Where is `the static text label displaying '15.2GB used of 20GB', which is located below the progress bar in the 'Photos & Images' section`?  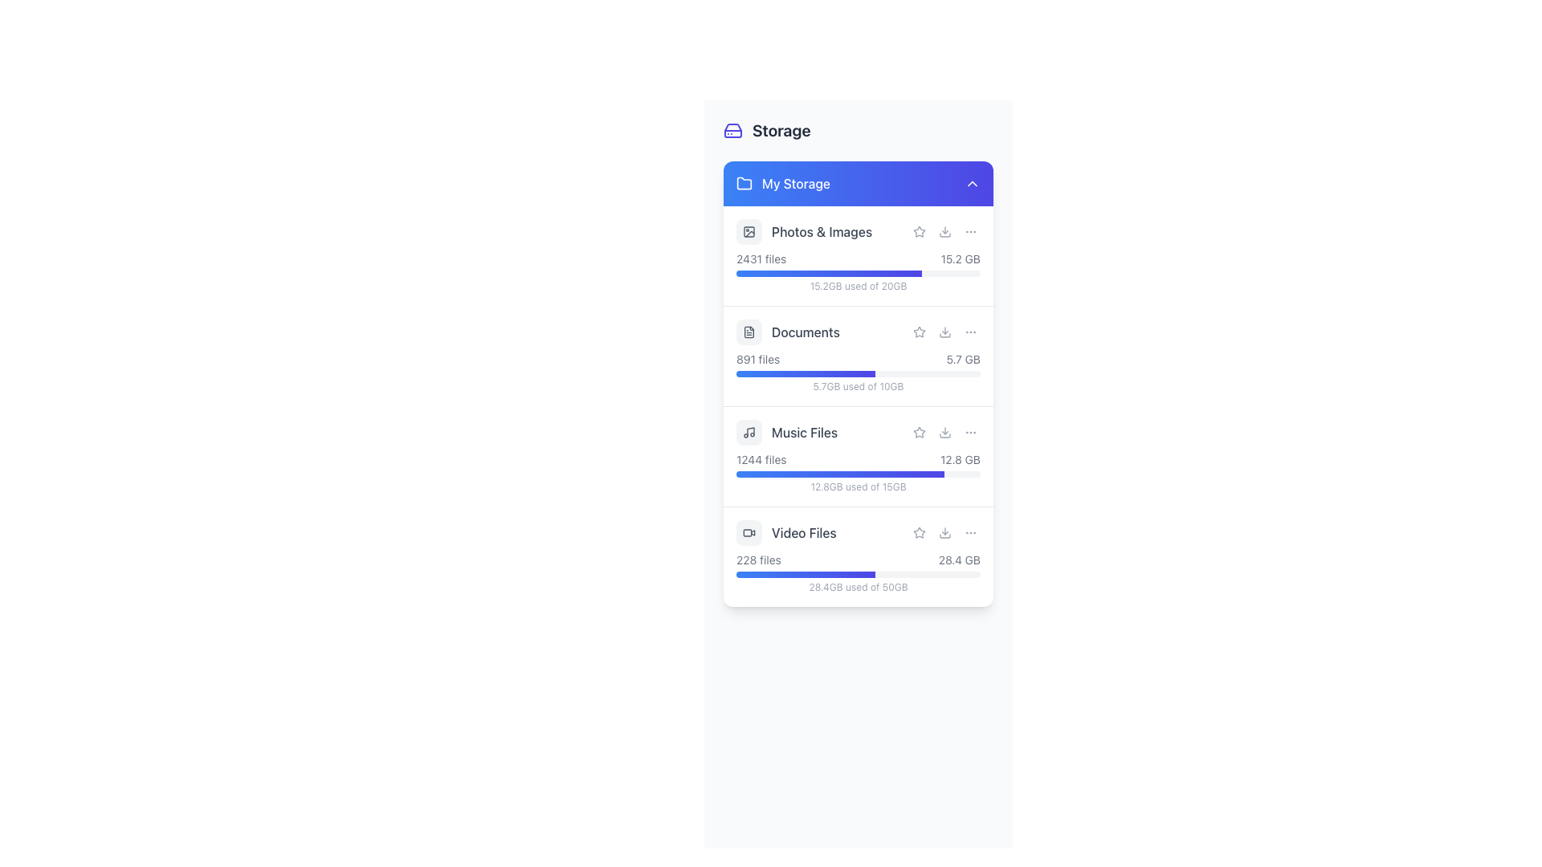
the static text label displaying '15.2GB used of 20GB', which is located below the progress bar in the 'Photos & Images' section is located at coordinates (858, 286).